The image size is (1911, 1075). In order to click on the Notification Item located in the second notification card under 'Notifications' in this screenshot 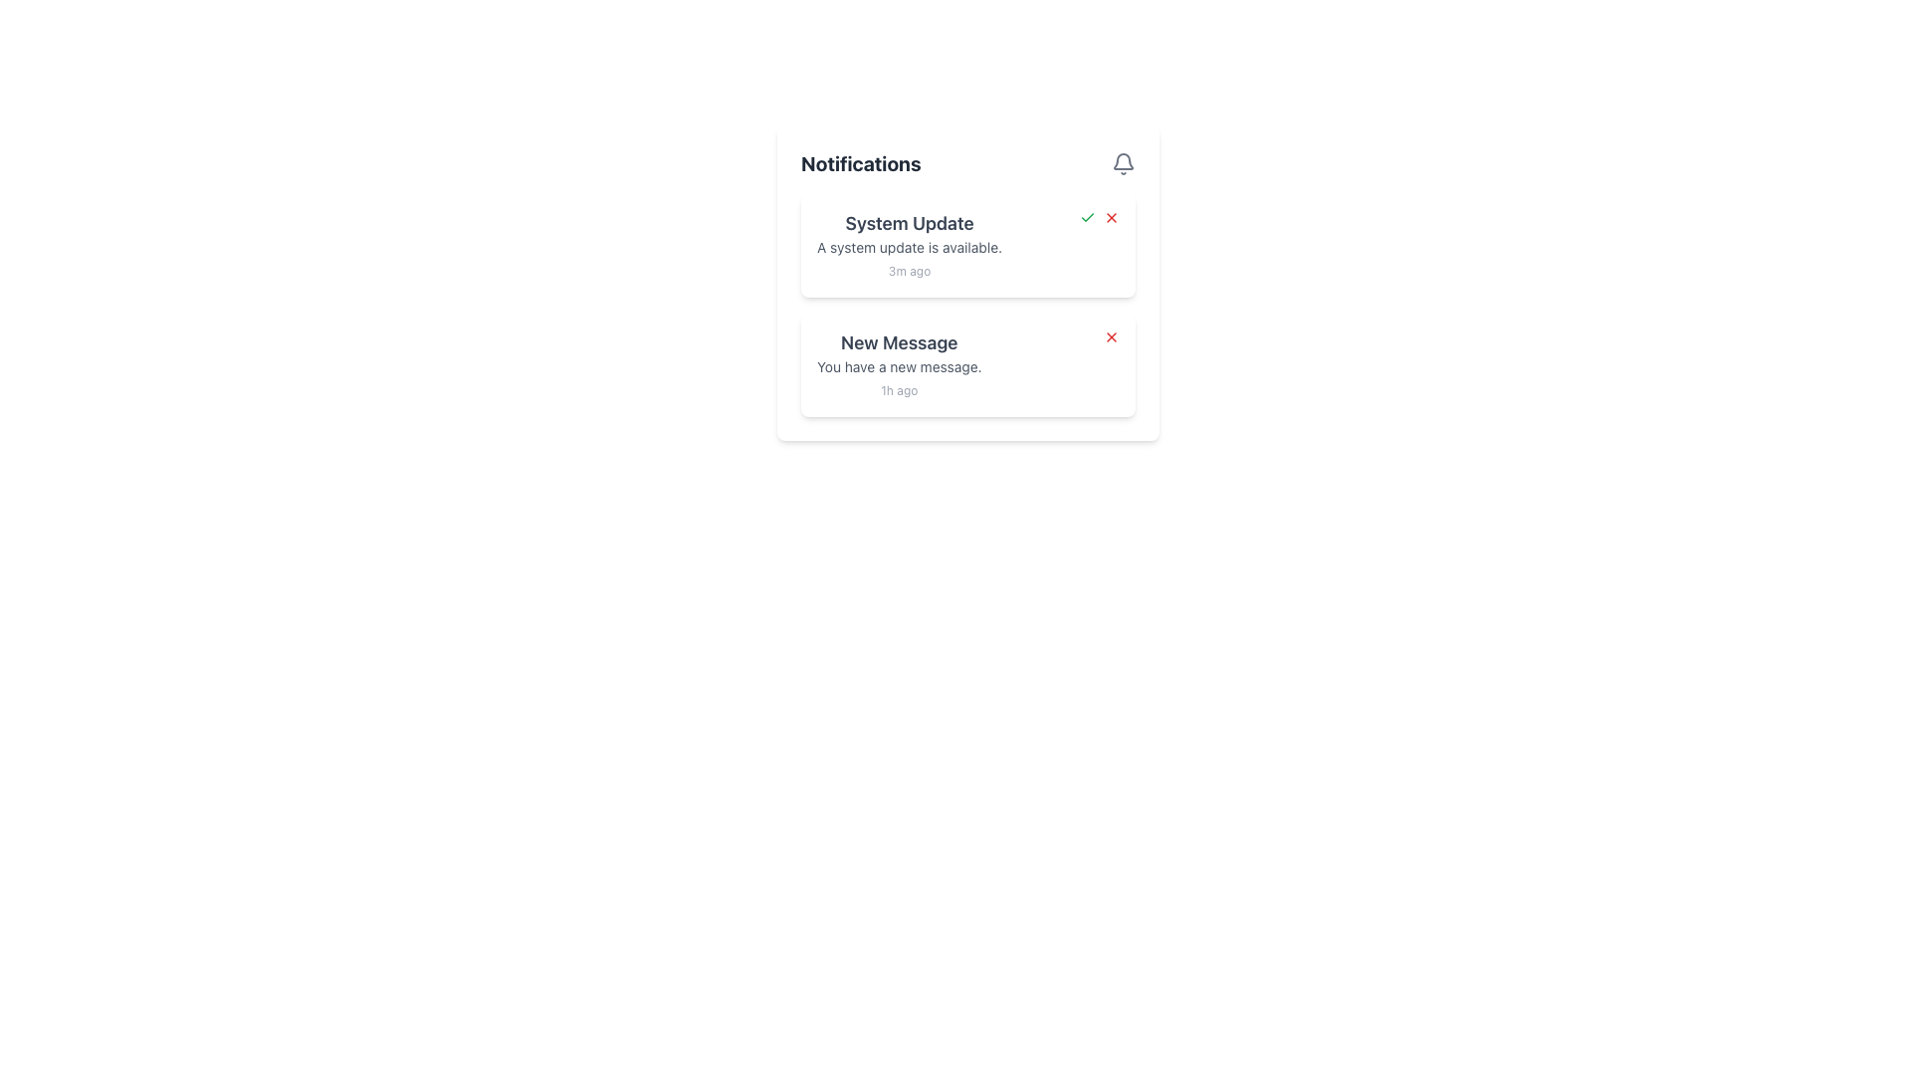, I will do `click(898, 364)`.